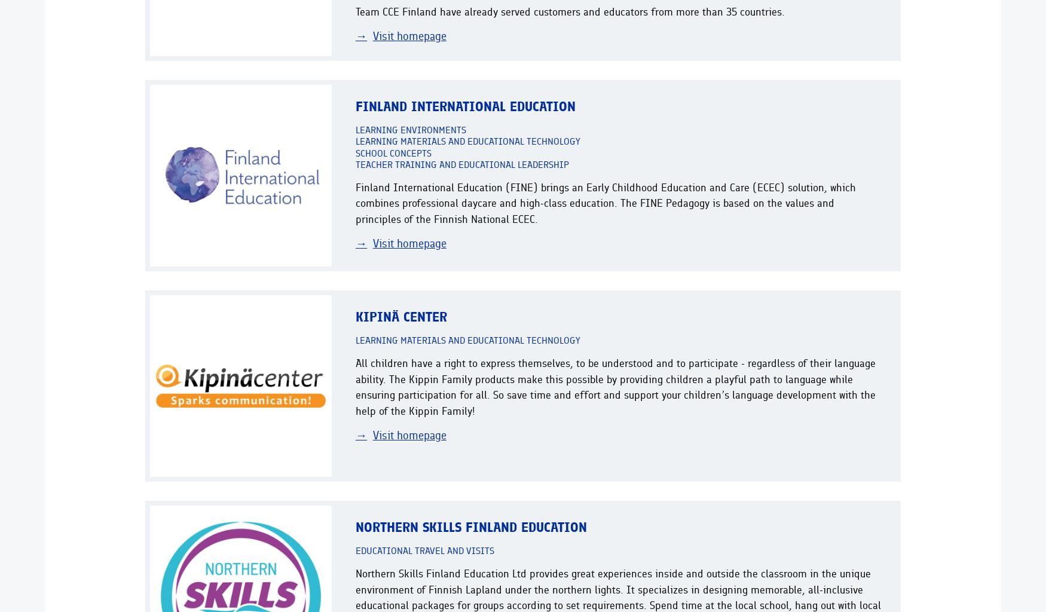 The image size is (1046, 612). Describe the element at coordinates (615, 385) in the screenshot. I see `'All children have a right to express themselves, to be understood and to participate - regardless of their language ability. The Kippin Family products make this possible by providing children a playful path to language while ensuring participation for all. So save time and effort and support your children’s language development with the help of the Kippin Family!'` at that location.